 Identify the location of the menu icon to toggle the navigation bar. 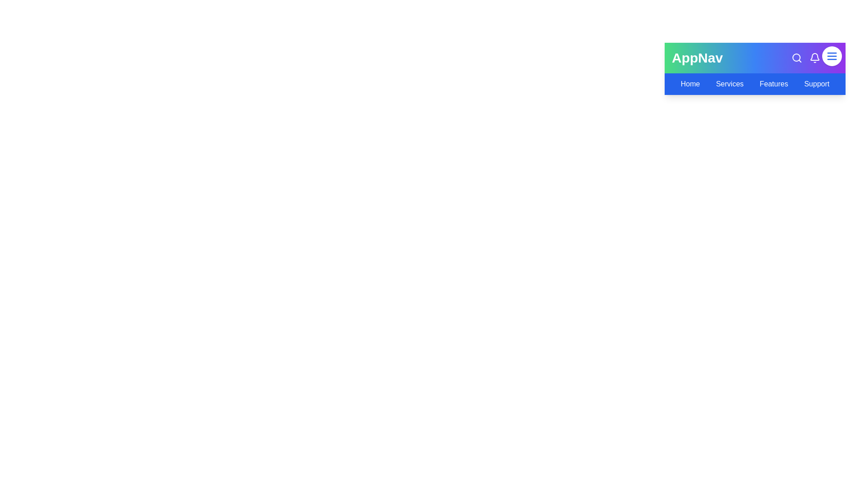
(831, 56).